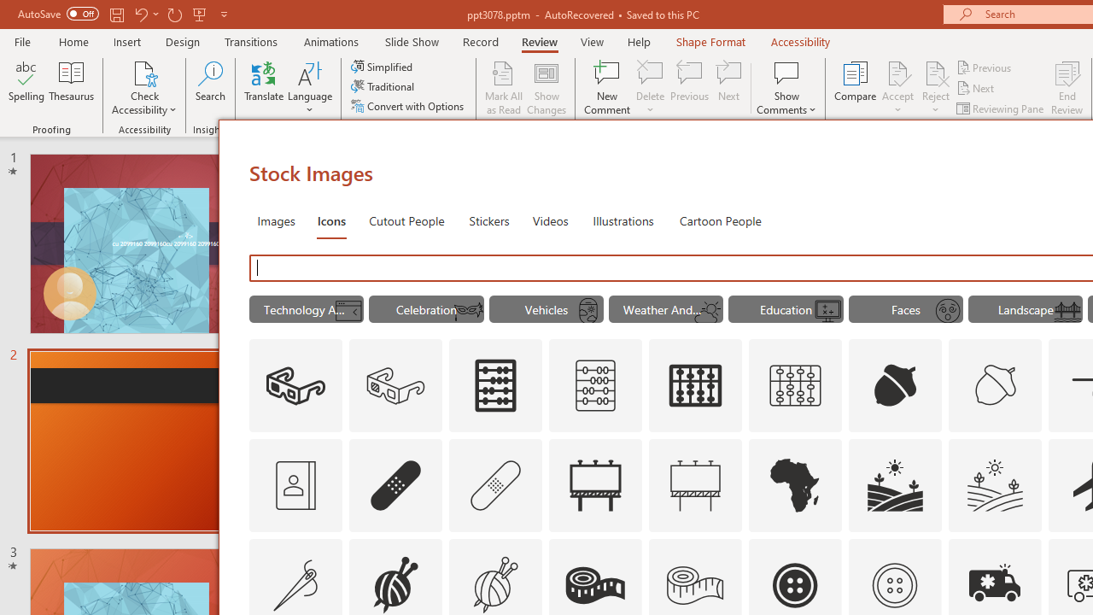  What do you see at coordinates (622, 220) in the screenshot?
I see `'Illustrations'` at bounding box center [622, 220].